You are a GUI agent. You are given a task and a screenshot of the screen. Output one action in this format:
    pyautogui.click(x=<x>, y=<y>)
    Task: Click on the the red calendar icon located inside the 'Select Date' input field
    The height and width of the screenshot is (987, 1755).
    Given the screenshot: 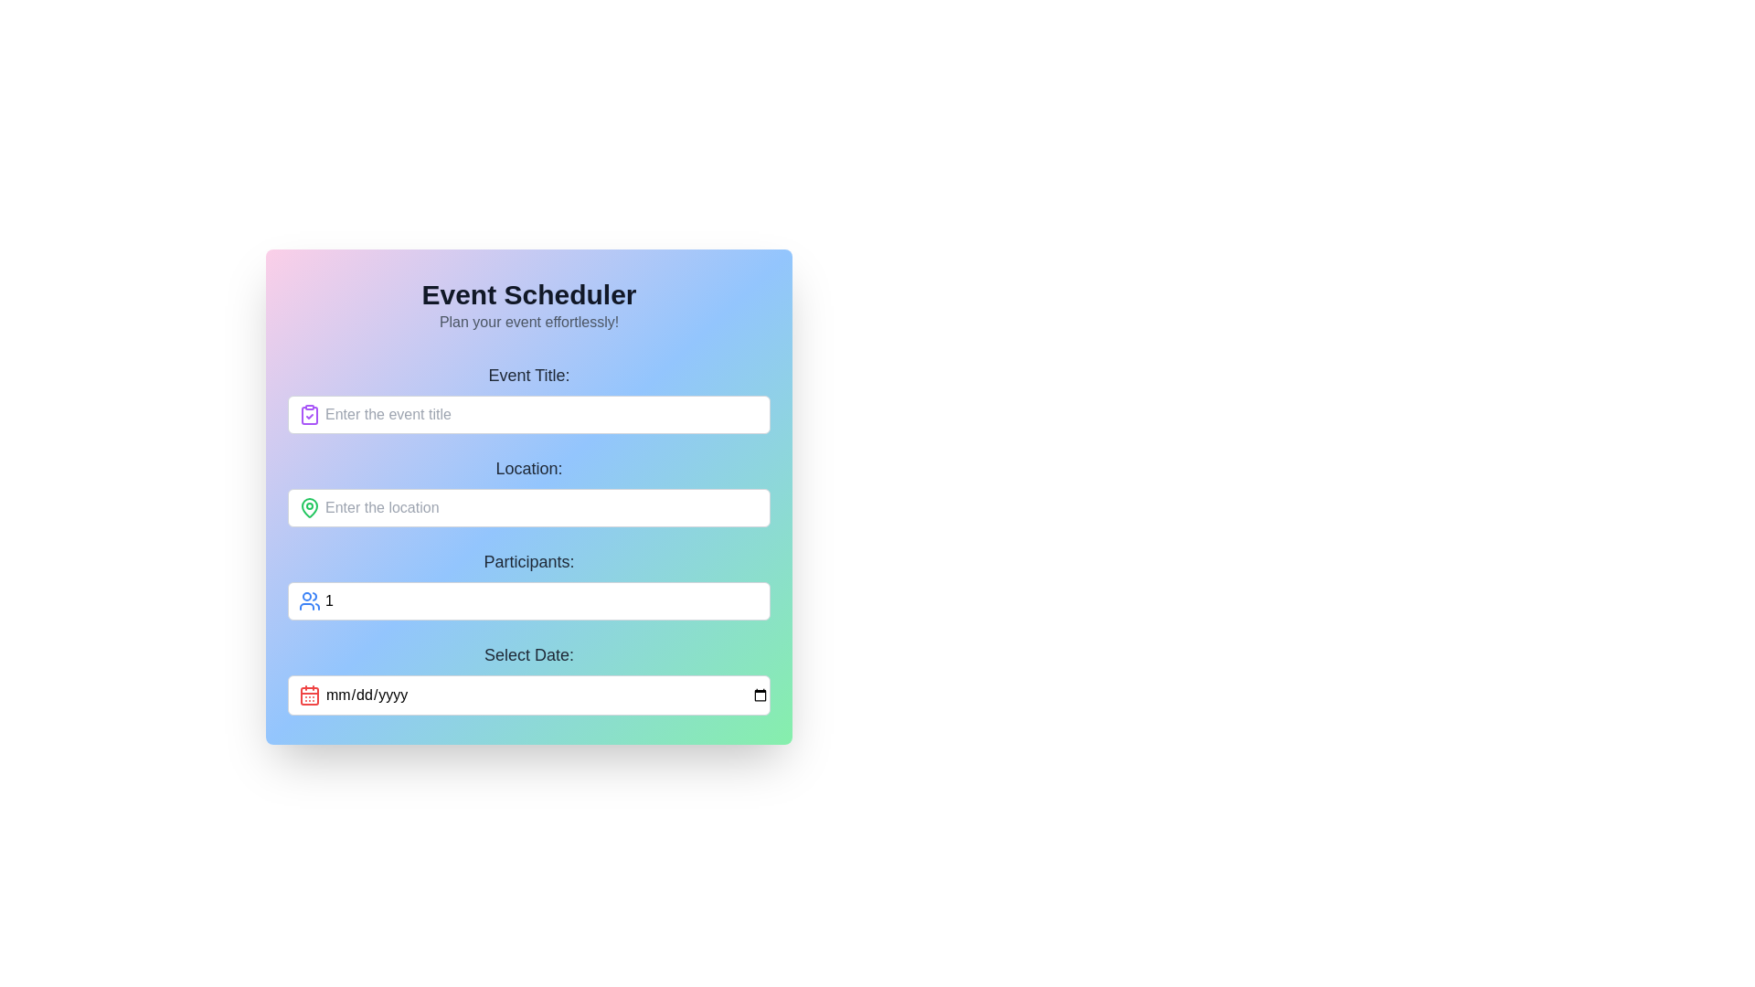 What is the action you would take?
    pyautogui.click(x=310, y=695)
    